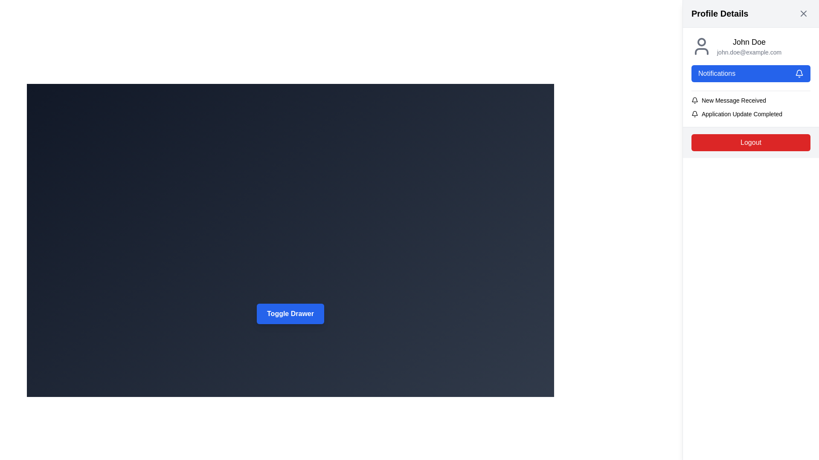 The width and height of the screenshot is (819, 460). Describe the element at coordinates (733, 100) in the screenshot. I see `the 'New Message Received' notification text label, which is styled in bold and dark font and is the first item in the notification list under the 'Profile Details' section` at that location.